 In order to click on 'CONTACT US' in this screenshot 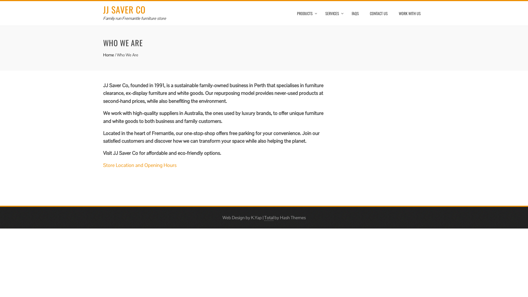, I will do `click(378, 13)`.